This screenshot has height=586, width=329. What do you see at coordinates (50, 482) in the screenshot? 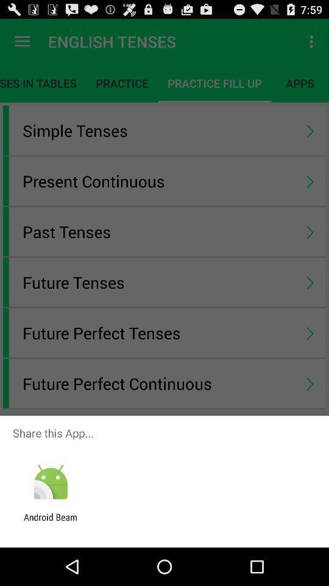
I see `the item above android beam app` at bounding box center [50, 482].